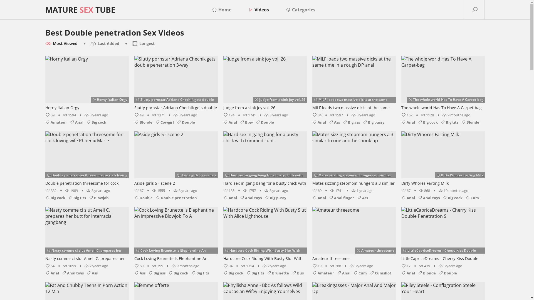  What do you see at coordinates (148, 273) in the screenshot?
I see `'Big ass'` at bounding box center [148, 273].